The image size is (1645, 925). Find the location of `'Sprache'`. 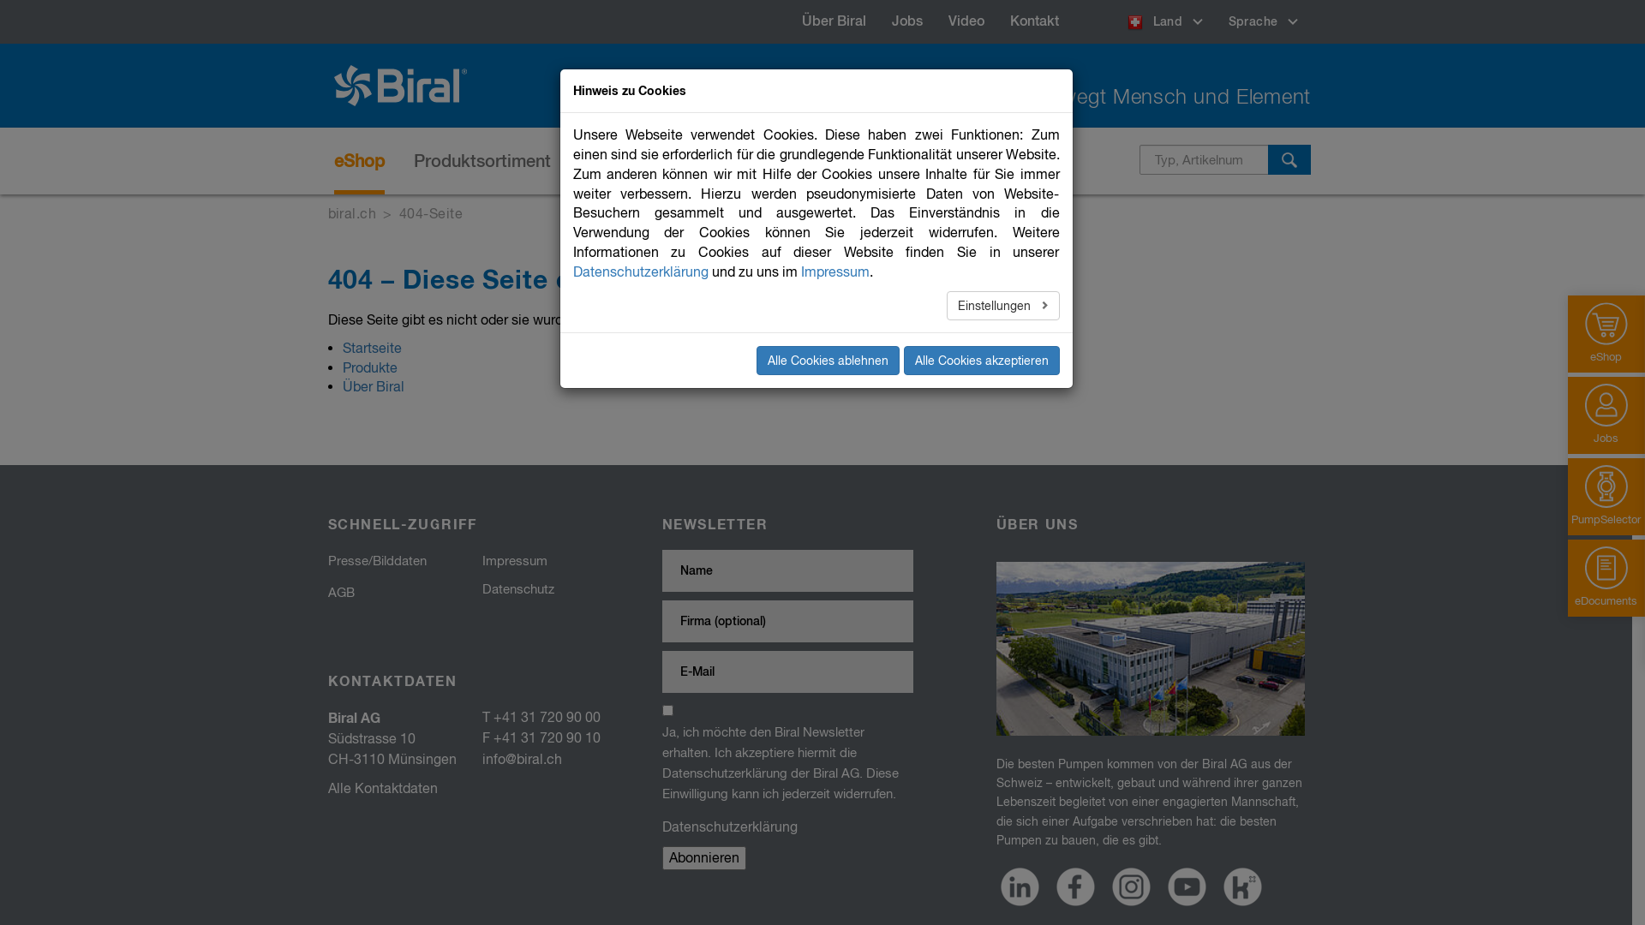

'Sprache' is located at coordinates (1263, 21).